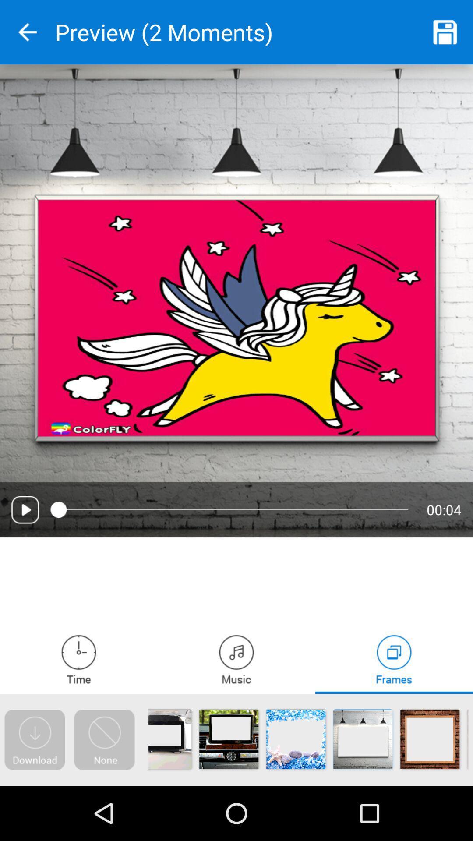 This screenshot has height=841, width=473. What do you see at coordinates (34, 739) in the screenshot?
I see `open the download page` at bounding box center [34, 739].